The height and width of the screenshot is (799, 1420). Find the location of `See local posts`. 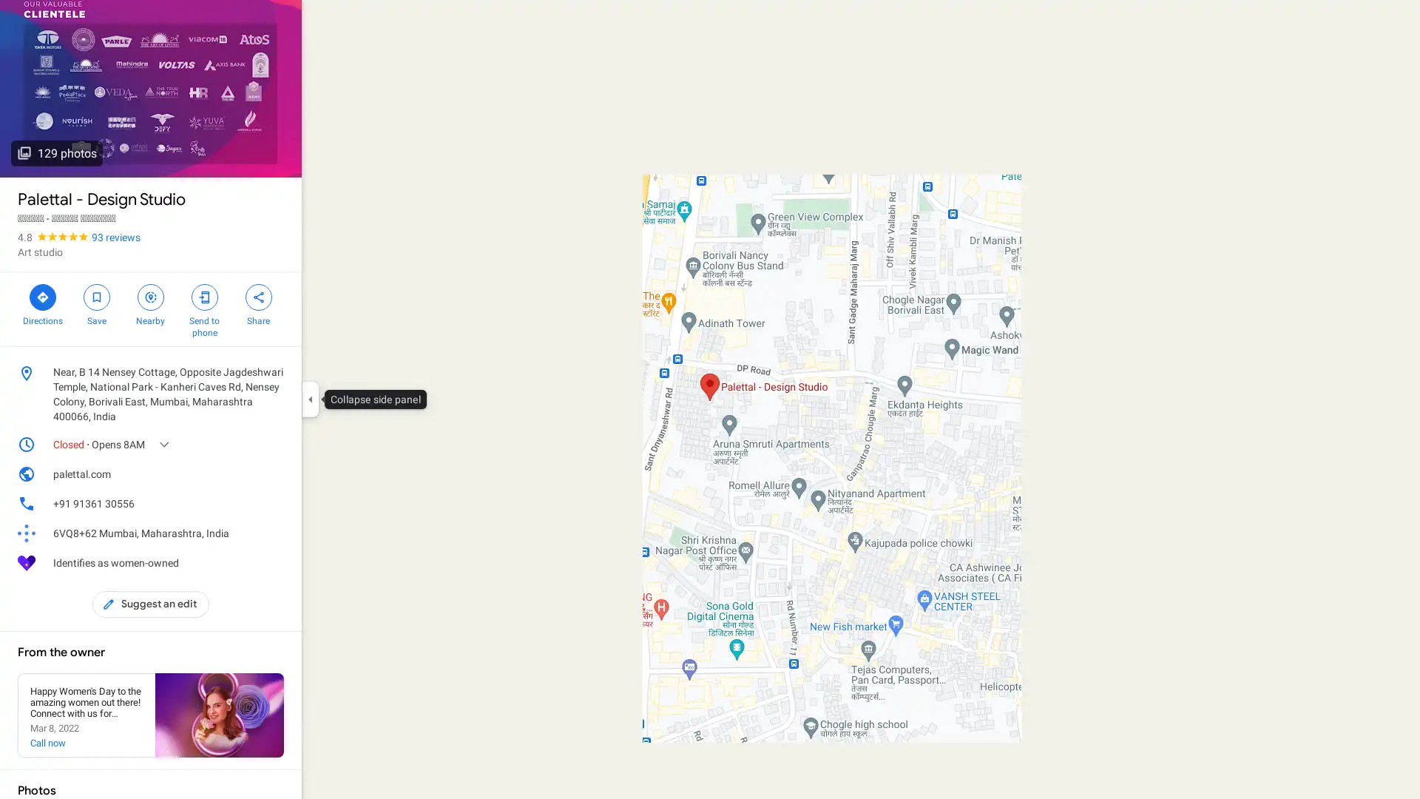

See local posts is located at coordinates (151, 715).